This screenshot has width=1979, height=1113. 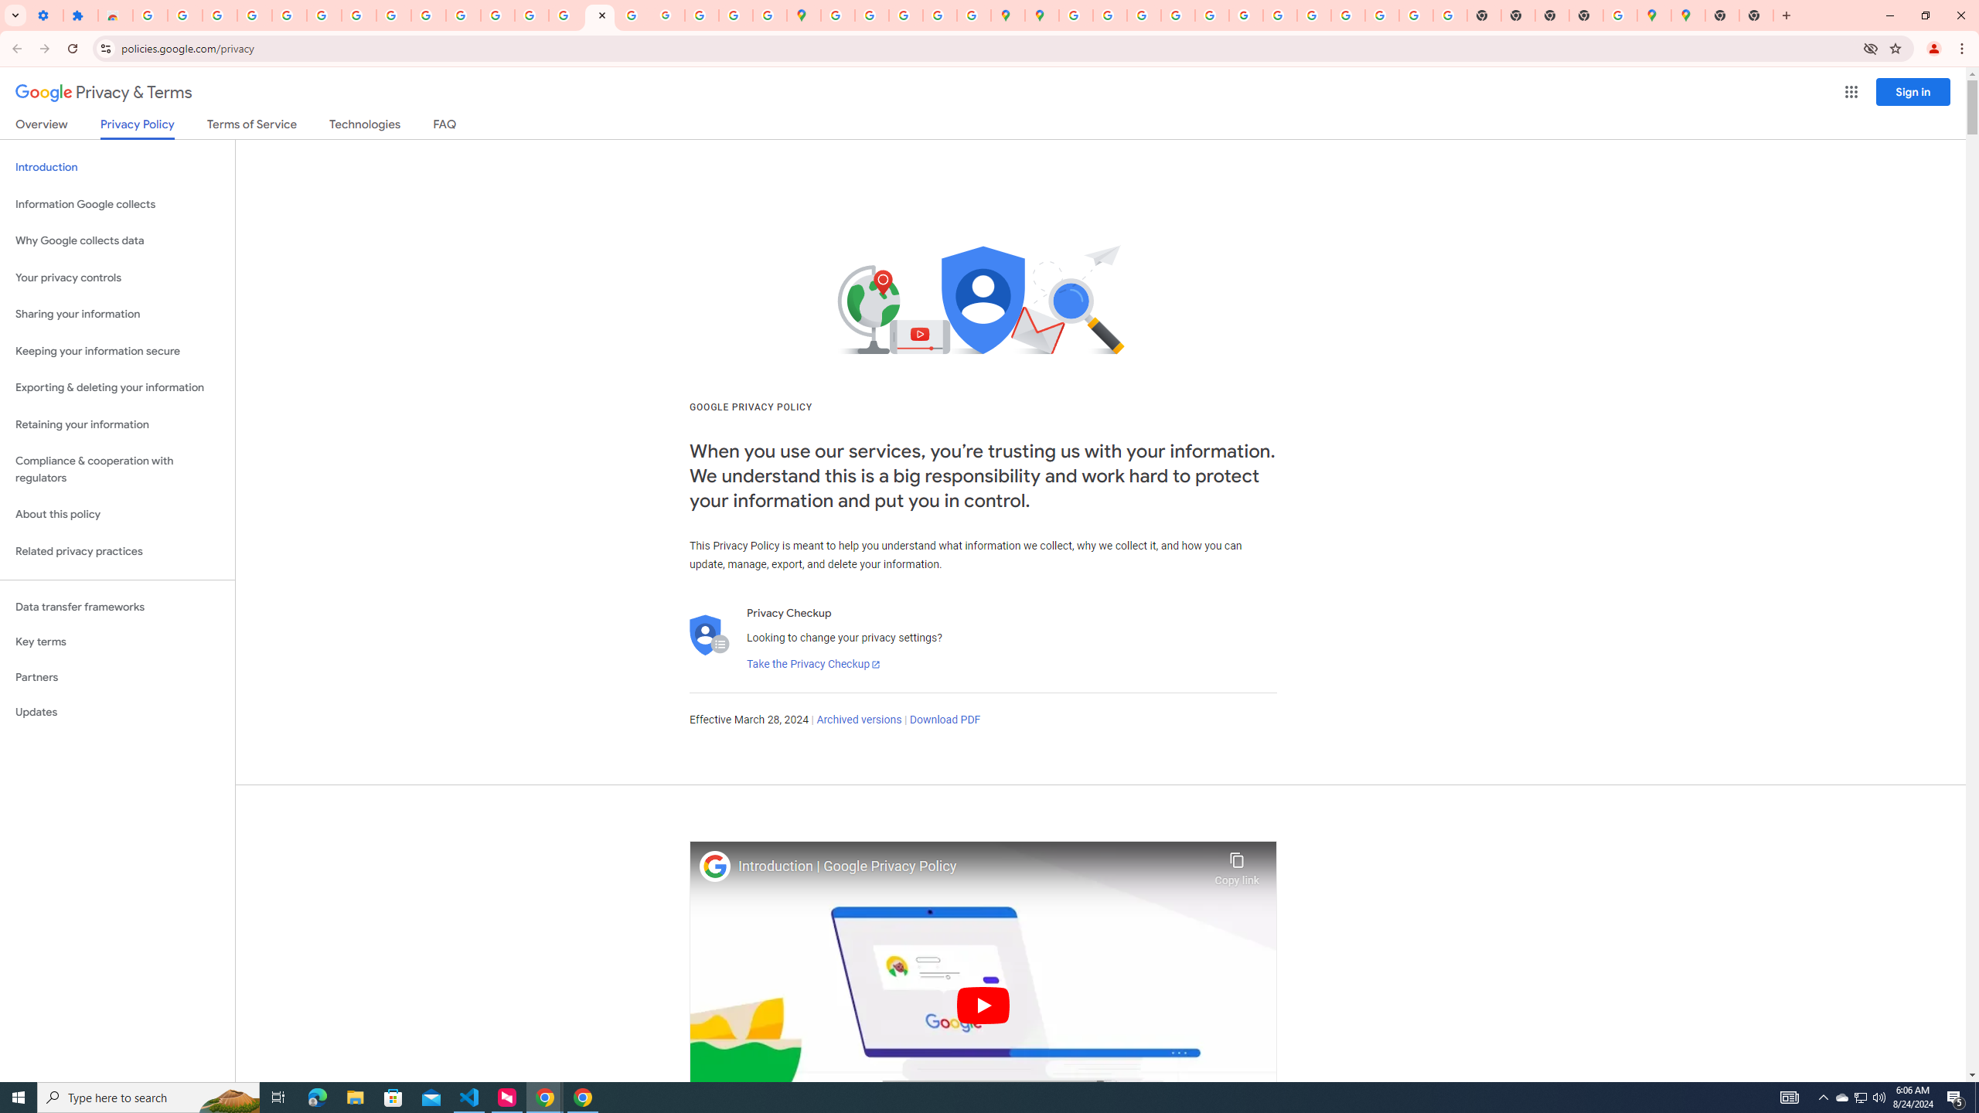 I want to click on 'Privacy Policy', so click(x=135, y=128).